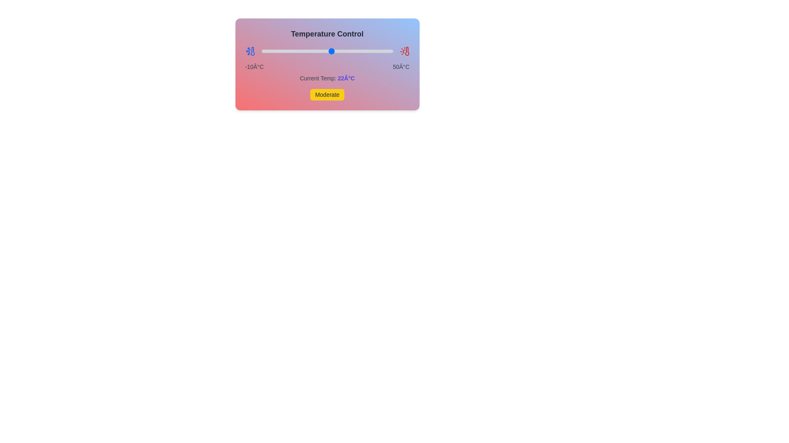 Image resolution: width=789 pixels, height=443 pixels. Describe the element at coordinates (327, 94) in the screenshot. I see `the colored status indicator labeled 'Moderate'` at that location.